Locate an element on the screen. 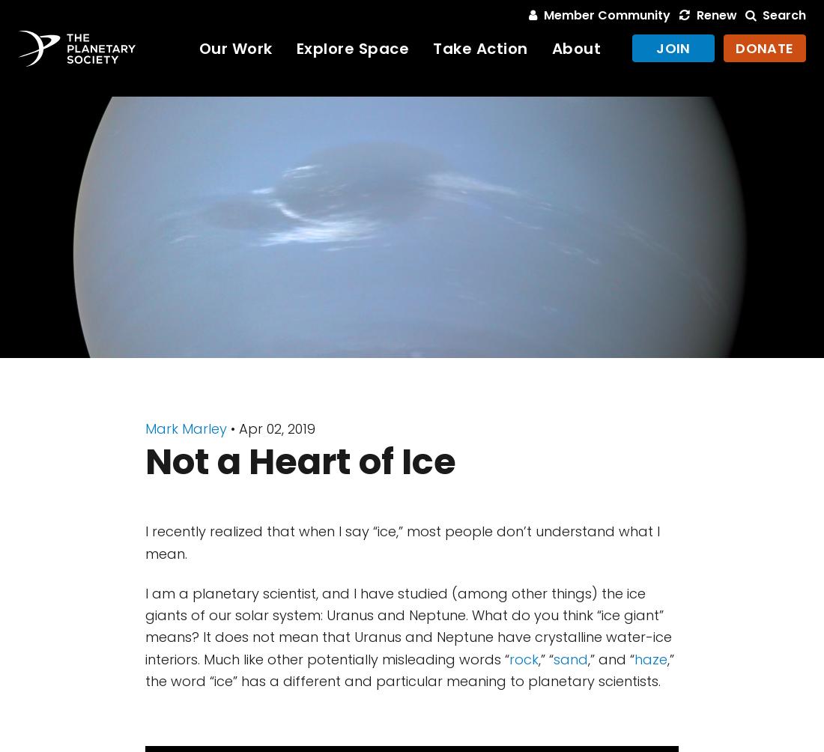 This screenshot has height=752, width=824. 'Apr 02, 2019' is located at coordinates (277, 428).